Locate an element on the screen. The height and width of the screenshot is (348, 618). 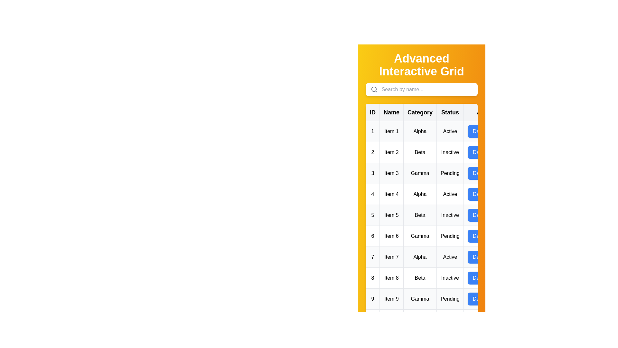
the column header ID to sort the data is located at coordinates (372, 112).